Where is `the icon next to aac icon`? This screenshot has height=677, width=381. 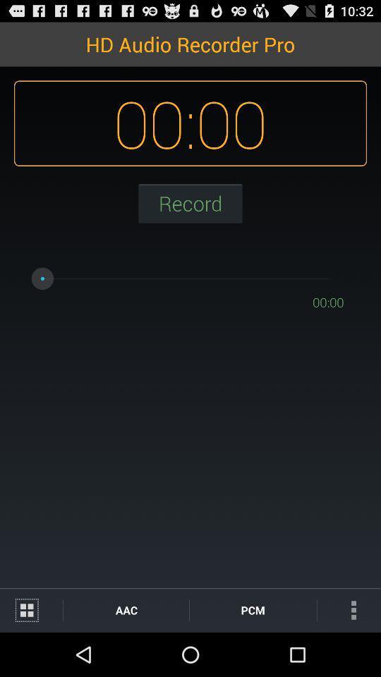
the icon next to aac icon is located at coordinates (31, 609).